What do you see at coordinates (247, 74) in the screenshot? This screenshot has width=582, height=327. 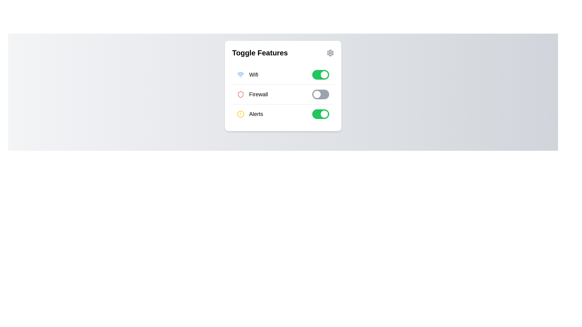 I see `the Label with a blue WiFi icon and the text 'Wifi'` at bounding box center [247, 74].